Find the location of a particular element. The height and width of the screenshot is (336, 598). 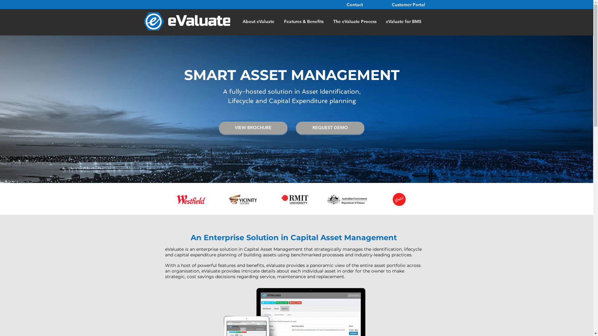

'About eValuate' is located at coordinates (258, 21).